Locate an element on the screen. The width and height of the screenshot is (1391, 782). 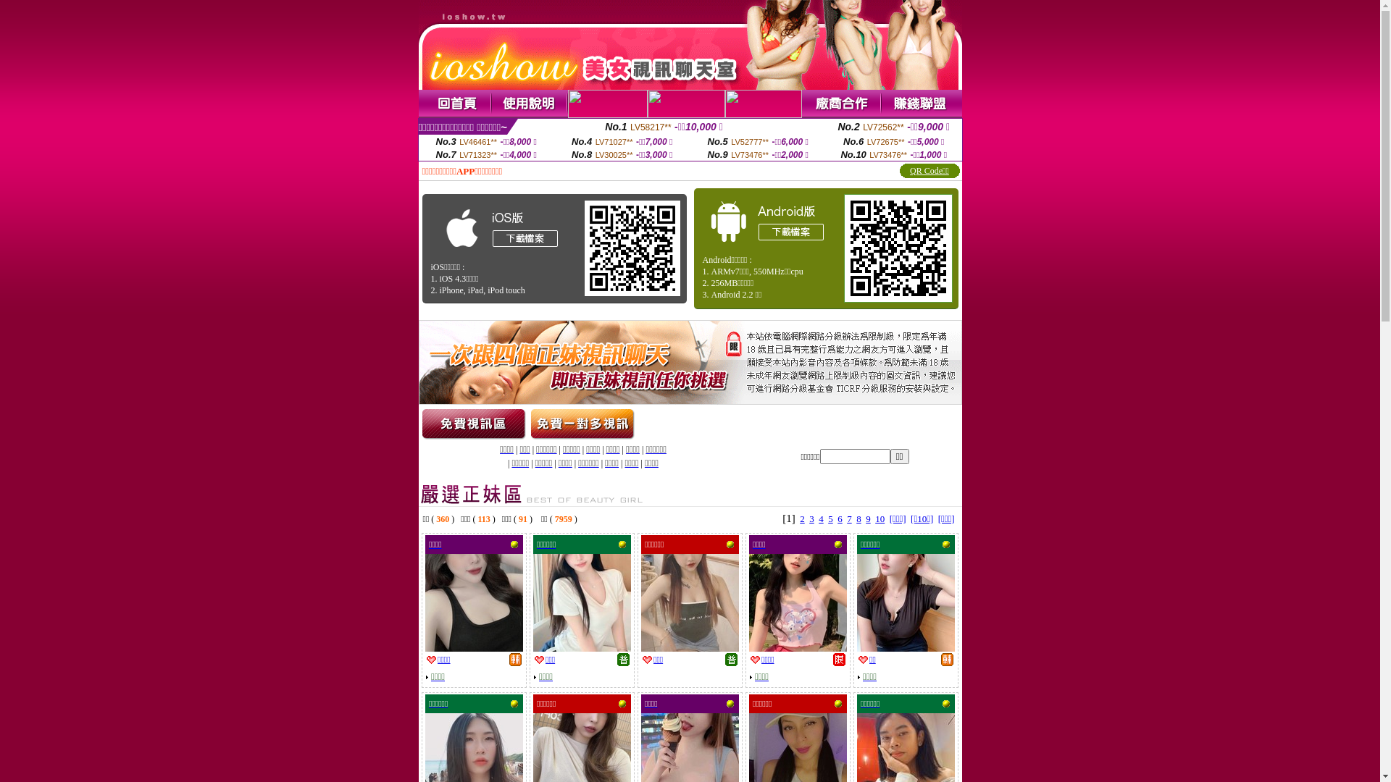
'3' is located at coordinates (809, 518).